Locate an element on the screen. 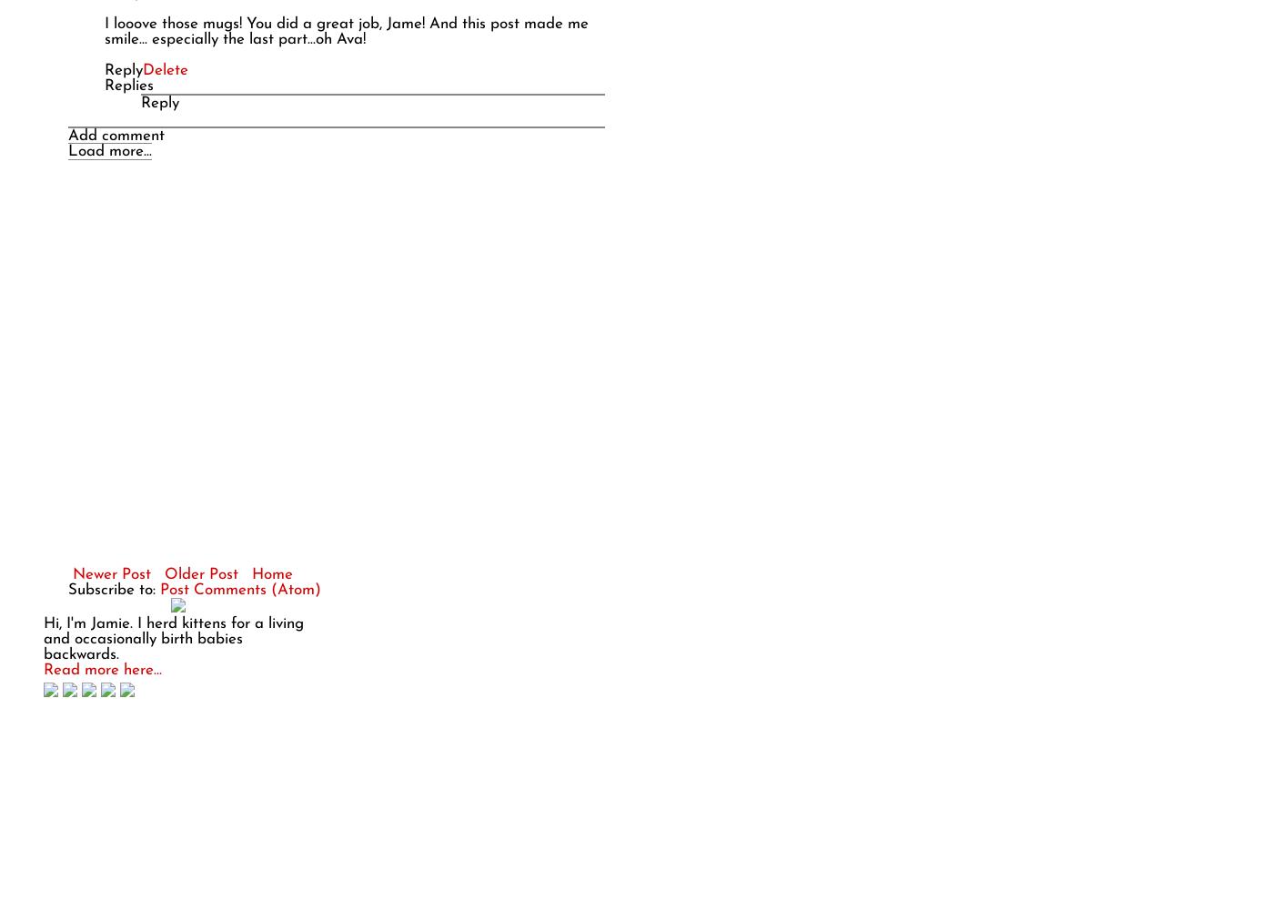  'Subscribe to:' is located at coordinates (114, 589).